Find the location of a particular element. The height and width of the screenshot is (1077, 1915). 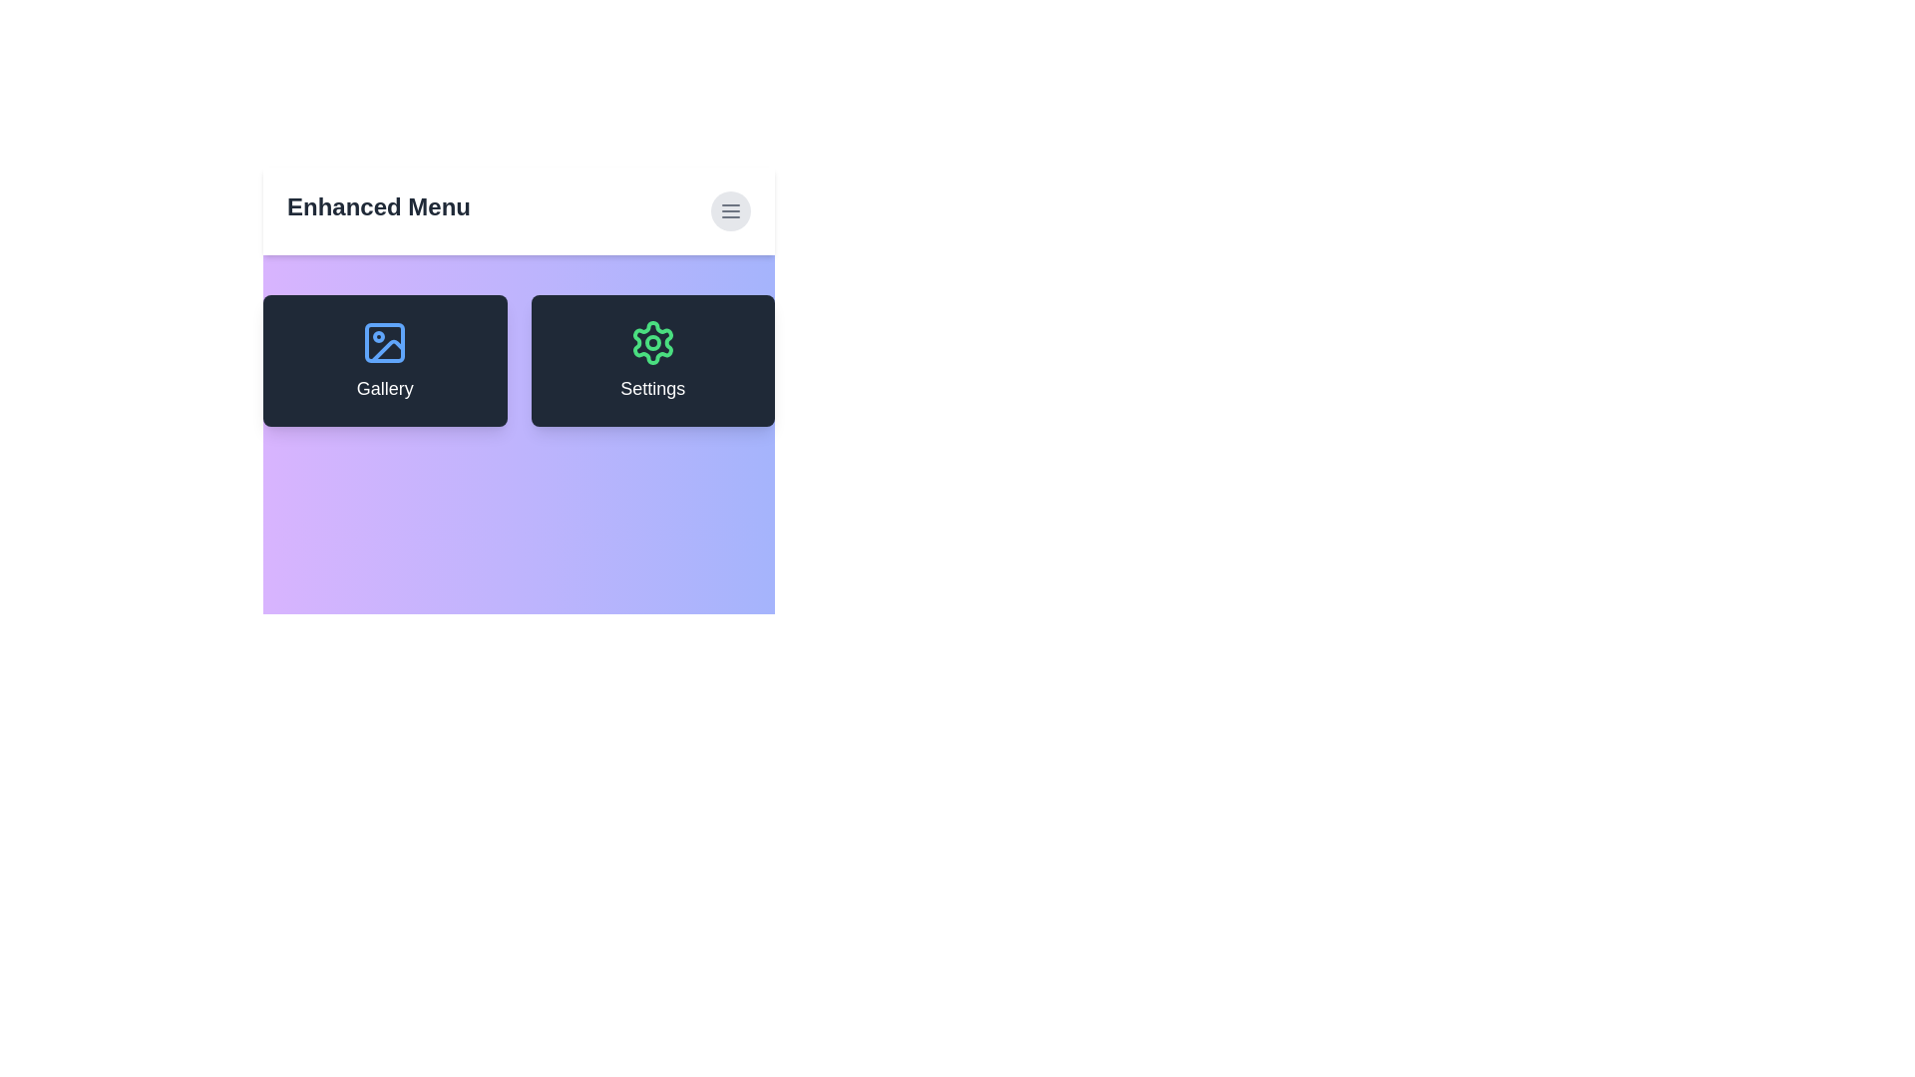

the Gallery card to observe its hover effect is located at coordinates (385, 361).